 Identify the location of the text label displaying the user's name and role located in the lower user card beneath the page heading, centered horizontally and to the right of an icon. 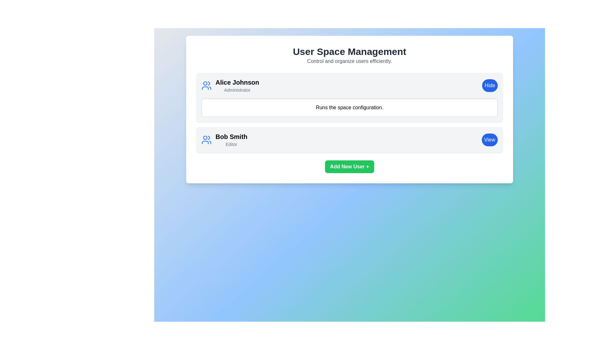
(231, 140).